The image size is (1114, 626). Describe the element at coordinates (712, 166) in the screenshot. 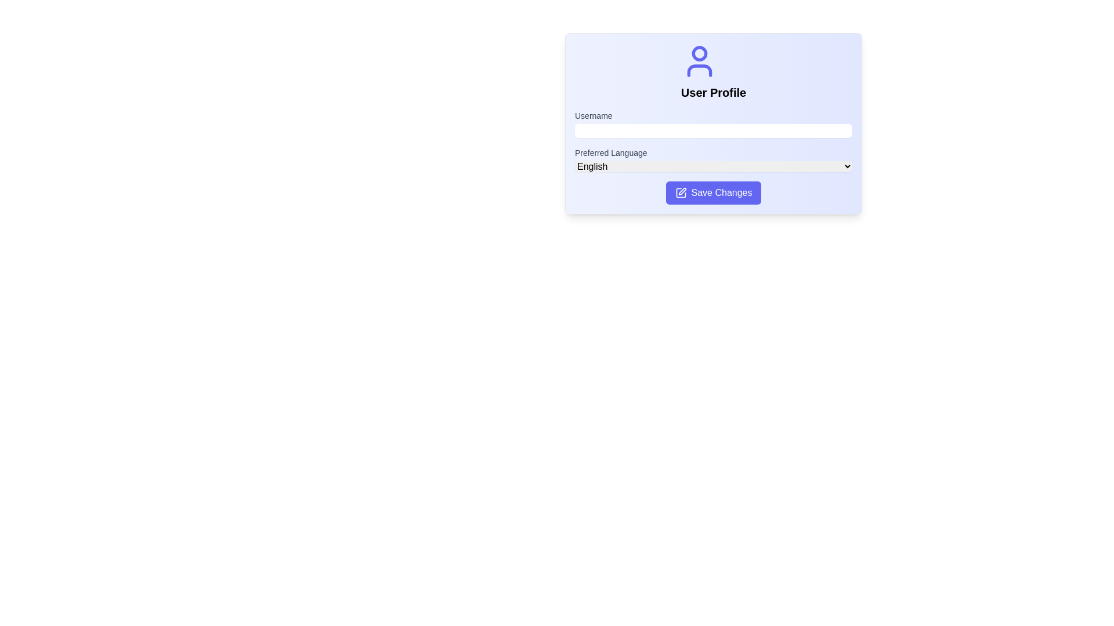

I see `an option from the dropdown menu labeled 'Preferred Language', located centrally below the 'Username' input field` at that location.